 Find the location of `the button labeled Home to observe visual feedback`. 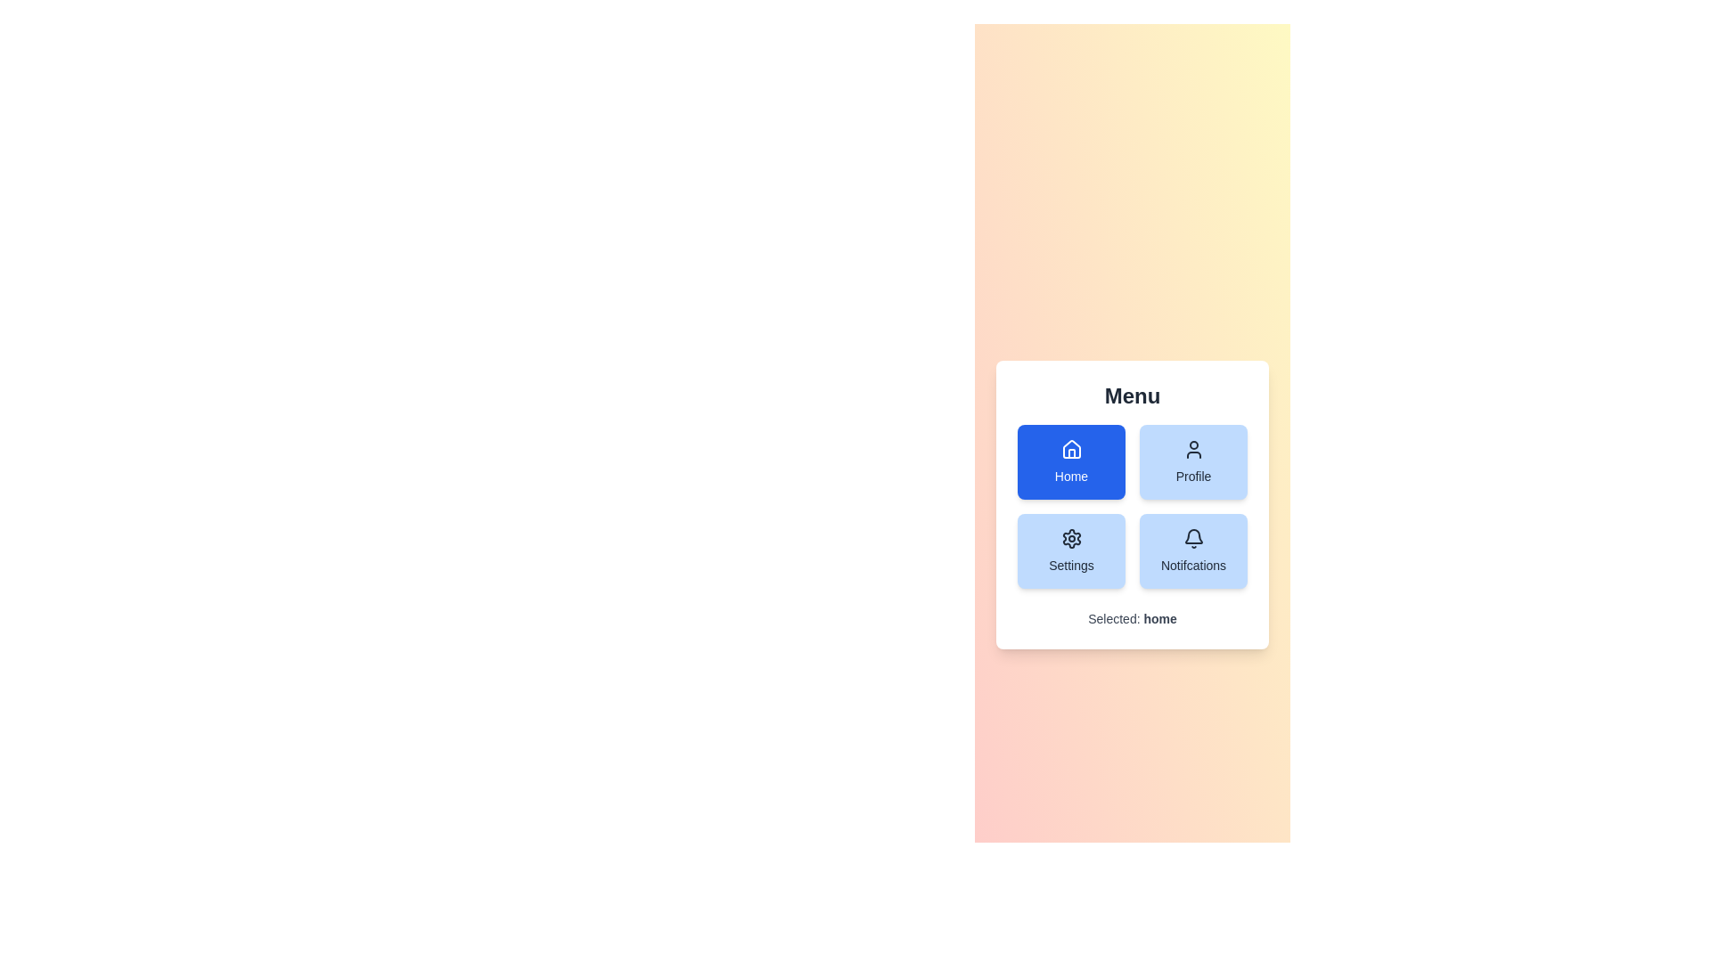

the button labeled Home to observe visual feedback is located at coordinates (1070, 461).